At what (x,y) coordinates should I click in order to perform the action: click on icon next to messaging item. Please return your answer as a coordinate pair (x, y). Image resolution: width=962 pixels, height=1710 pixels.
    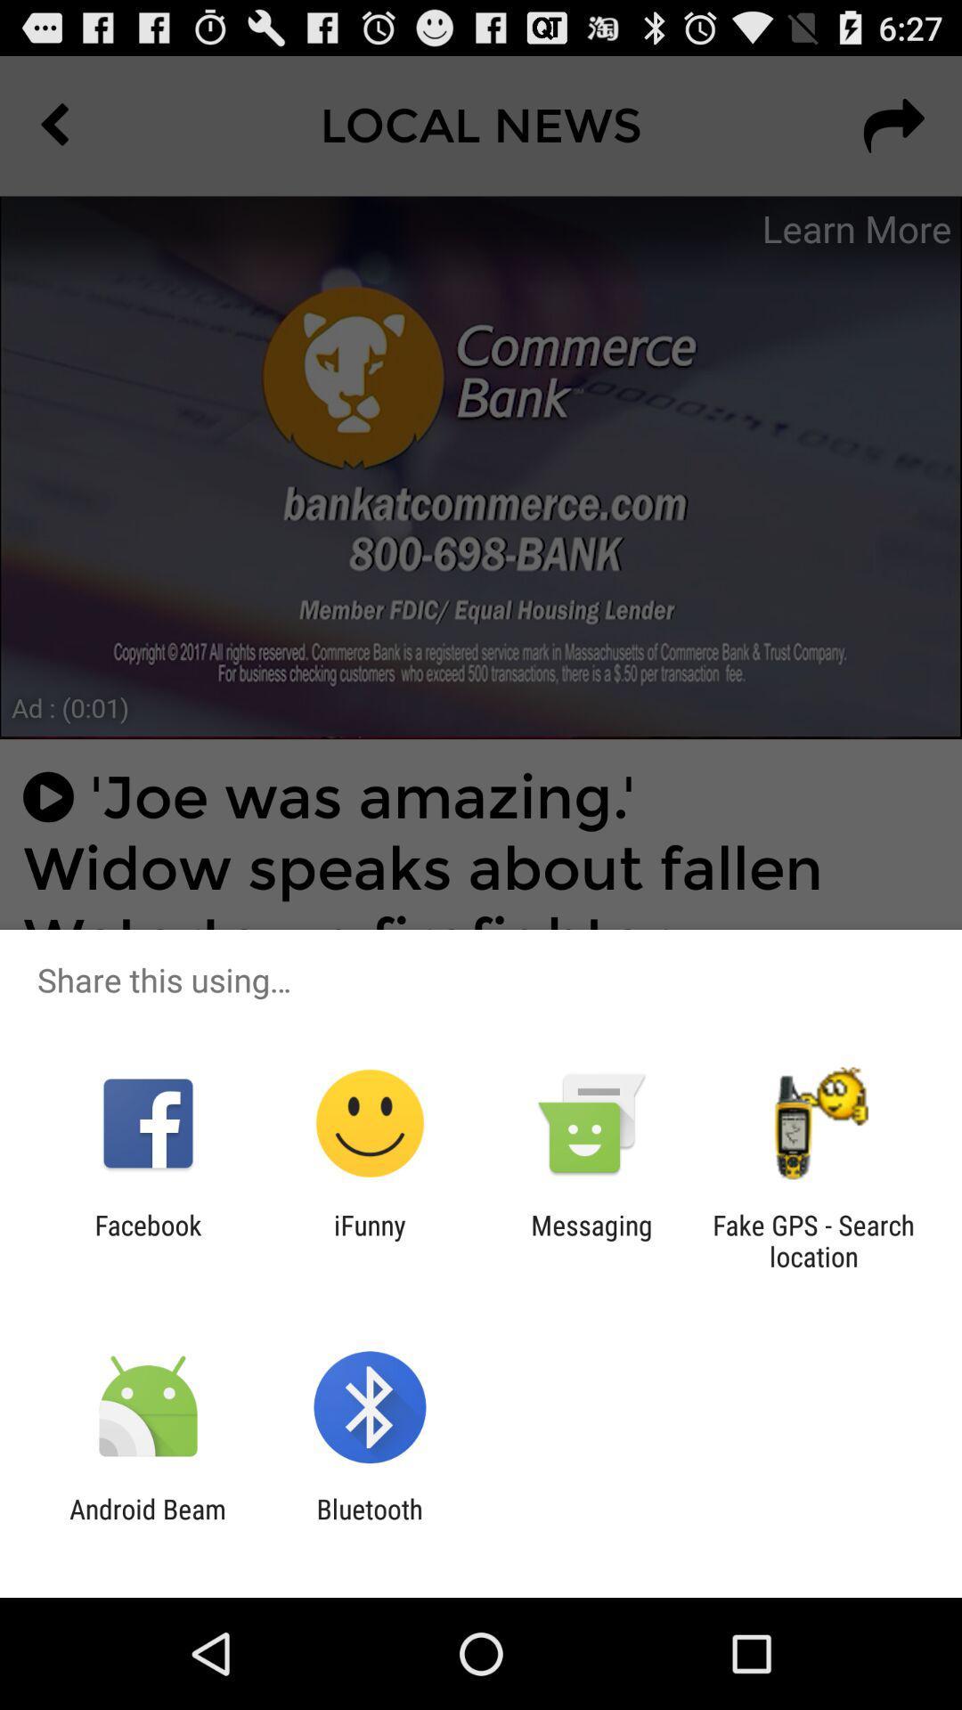
    Looking at the image, I should click on (369, 1240).